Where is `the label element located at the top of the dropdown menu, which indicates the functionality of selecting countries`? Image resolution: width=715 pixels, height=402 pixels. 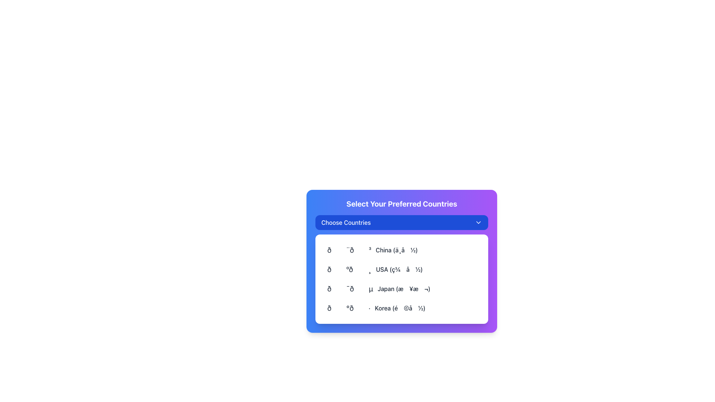
the label element located at the top of the dropdown menu, which indicates the functionality of selecting countries is located at coordinates (346, 222).